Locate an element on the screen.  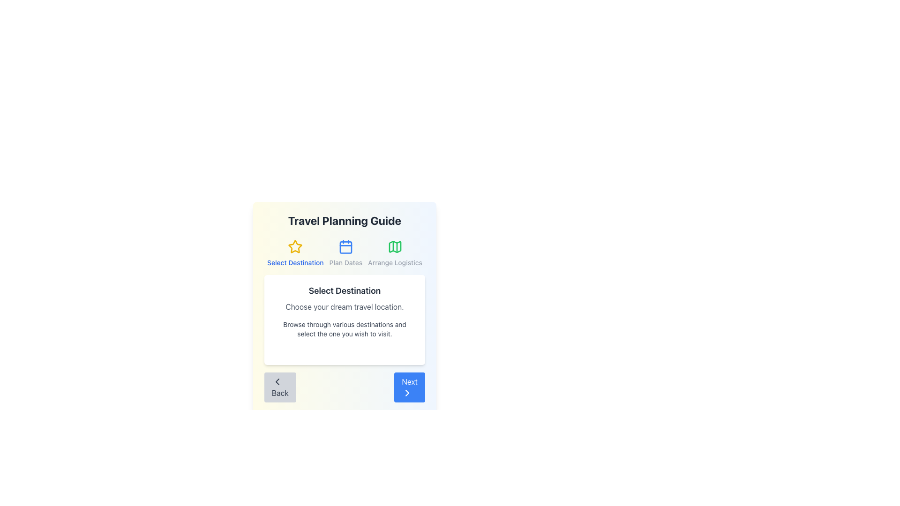
the green map icon in the 'Arrange Logistics' section is located at coordinates (395, 246).